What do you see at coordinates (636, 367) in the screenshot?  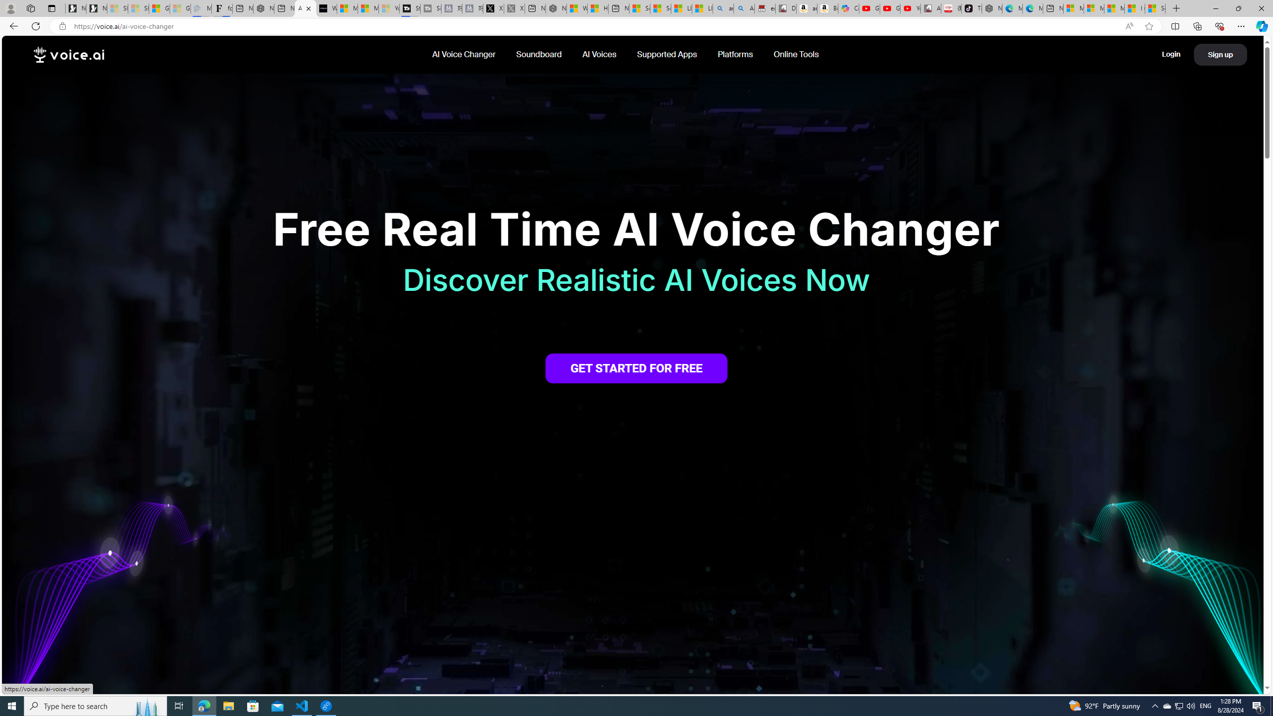 I see `'GET STARTED FOR FREE'` at bounding box center [636, 367].